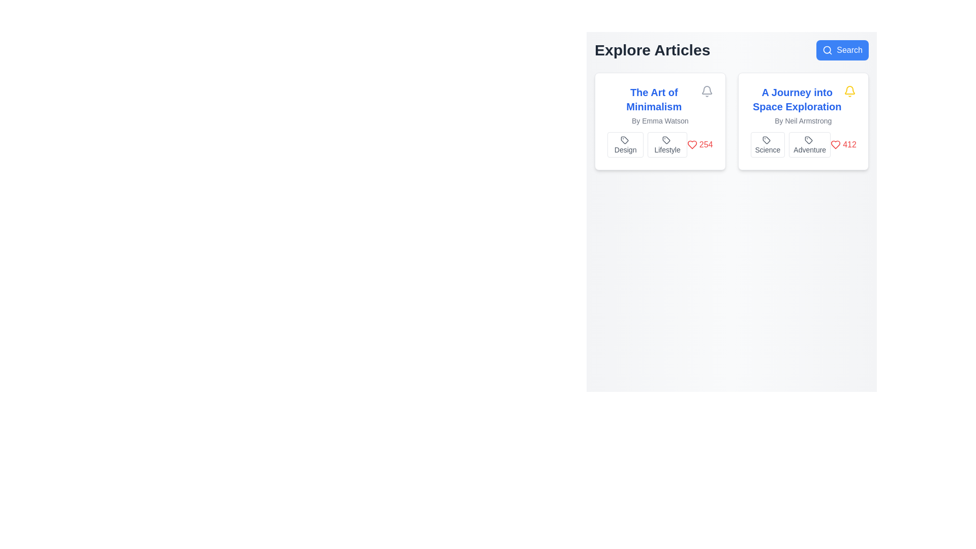  I want to click on the text of the label that displays 'Adventure', which is the second label in a horizontal stack below the title 'A Journey into Space Exploration', so click(809, 145).